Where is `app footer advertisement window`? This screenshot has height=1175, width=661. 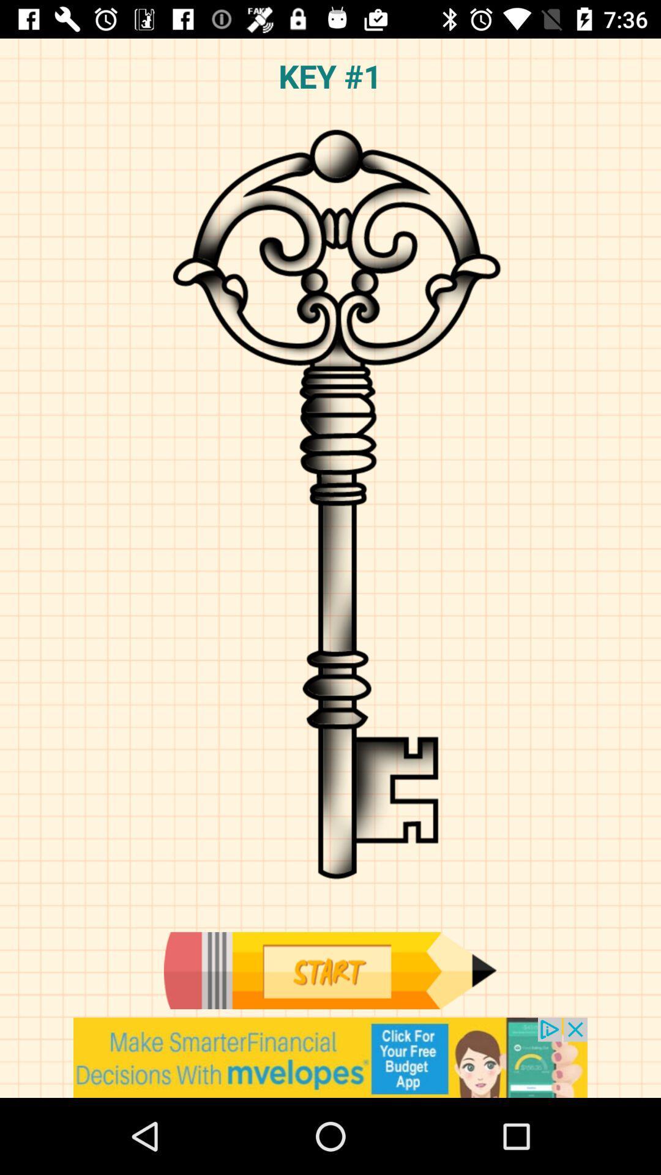
app footer advertisement window is located at coordinates (330, 1057).